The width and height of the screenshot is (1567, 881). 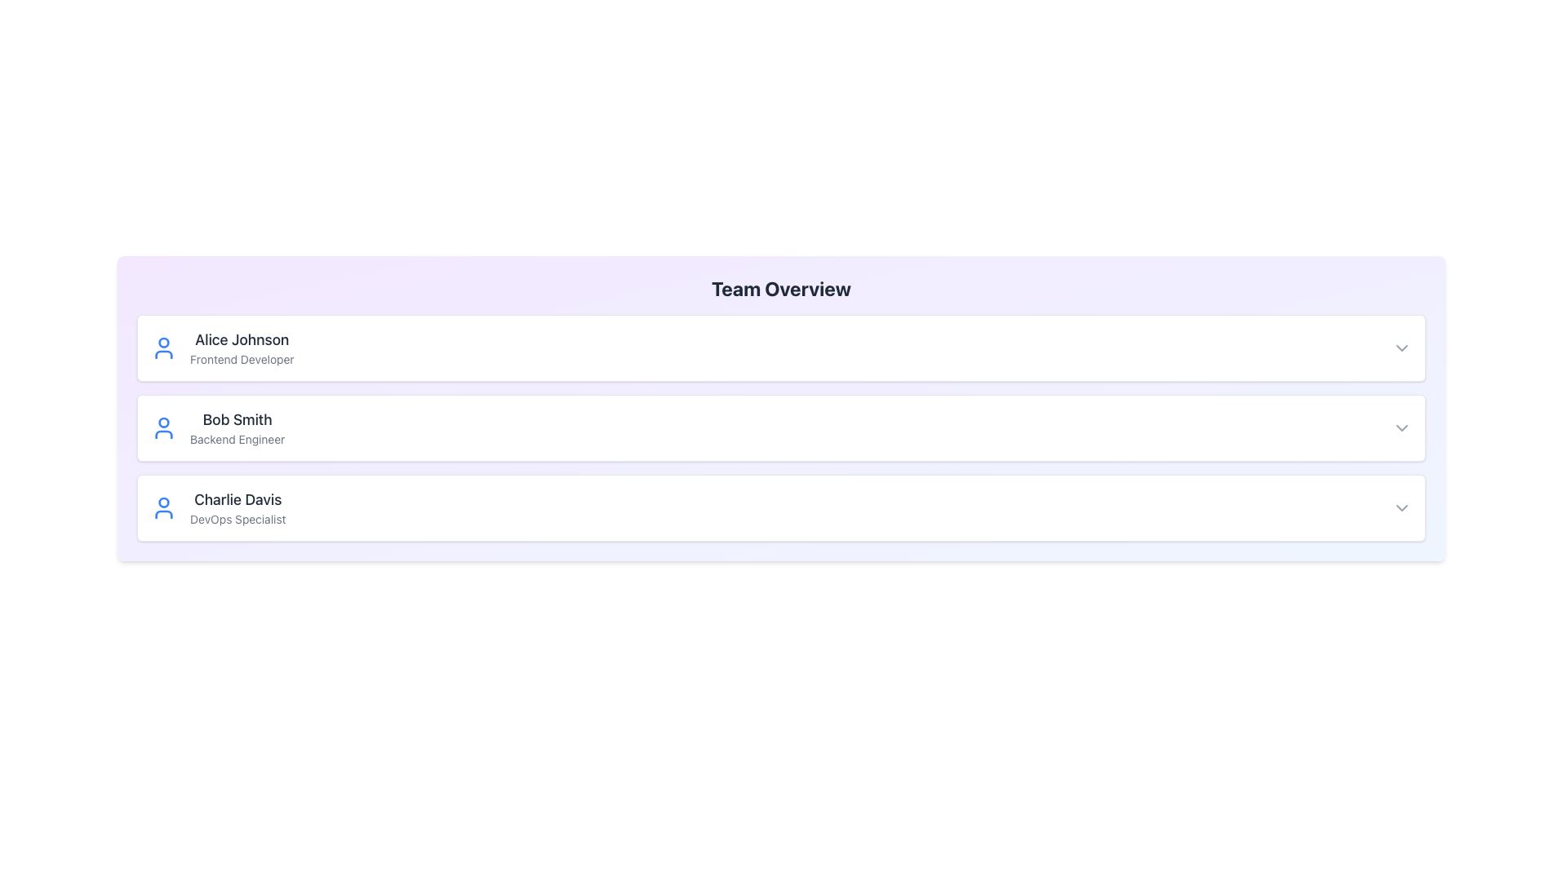 I want to click on the Icon graphic part representing user 'Bob Smith', situated towards the center of the icon composition, beneath the circular head section, so click(x=164, y=433).